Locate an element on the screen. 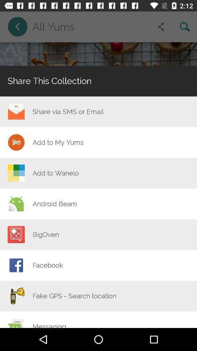  item below facebook is located at coordinates (74, 296).